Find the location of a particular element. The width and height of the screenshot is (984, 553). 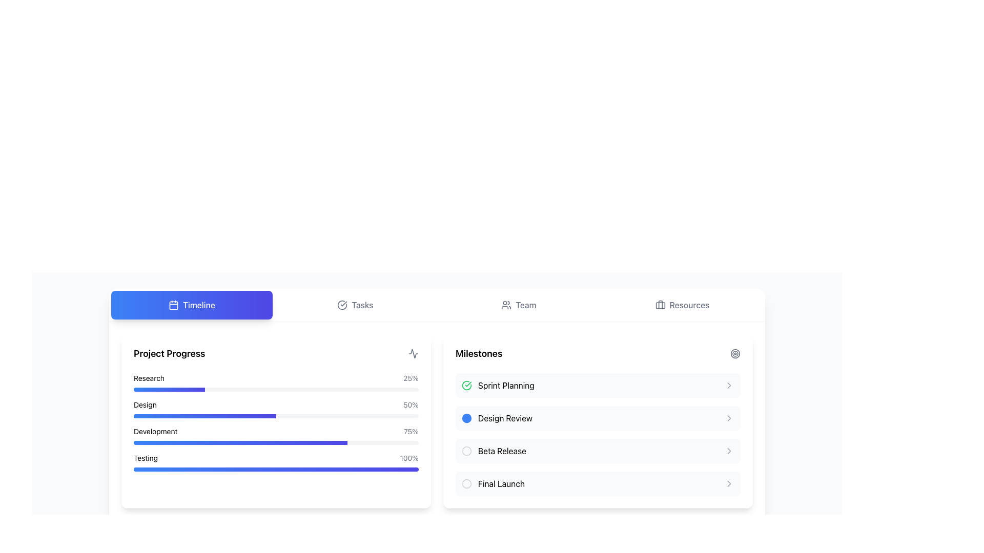

the small calendar icon with a blue gradient background located within the 'Timeline' button in the navigation bar at the top left of the interface is located at coordinates (174, 305).